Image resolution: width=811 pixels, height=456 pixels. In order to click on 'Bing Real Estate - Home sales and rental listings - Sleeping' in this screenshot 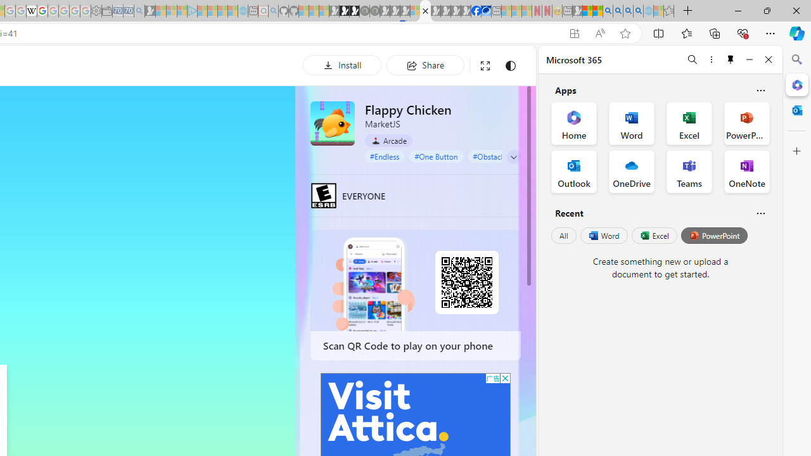, I will do `click(139, 11)`.